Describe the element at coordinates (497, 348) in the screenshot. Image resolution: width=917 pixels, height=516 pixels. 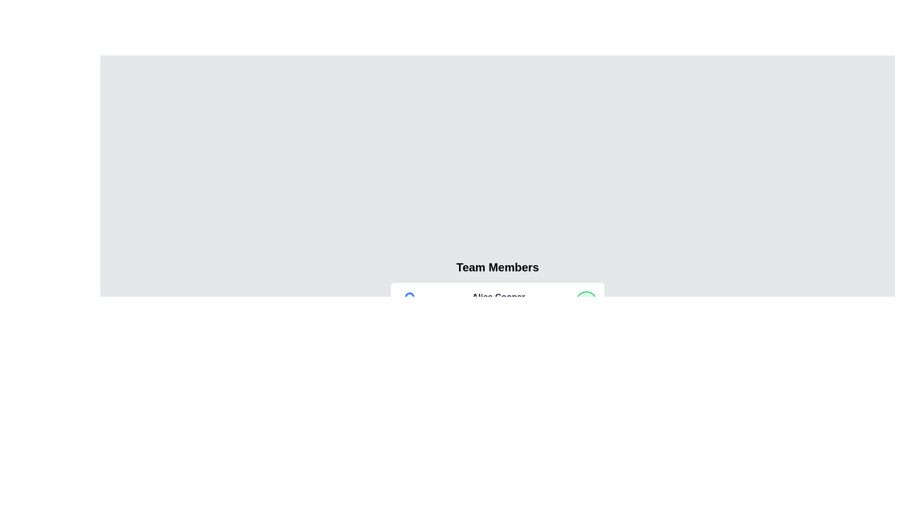
I see `displayed name and role on the user card located beneath 'Alice Cooper Leader' in the vertically stacked list` at that location.